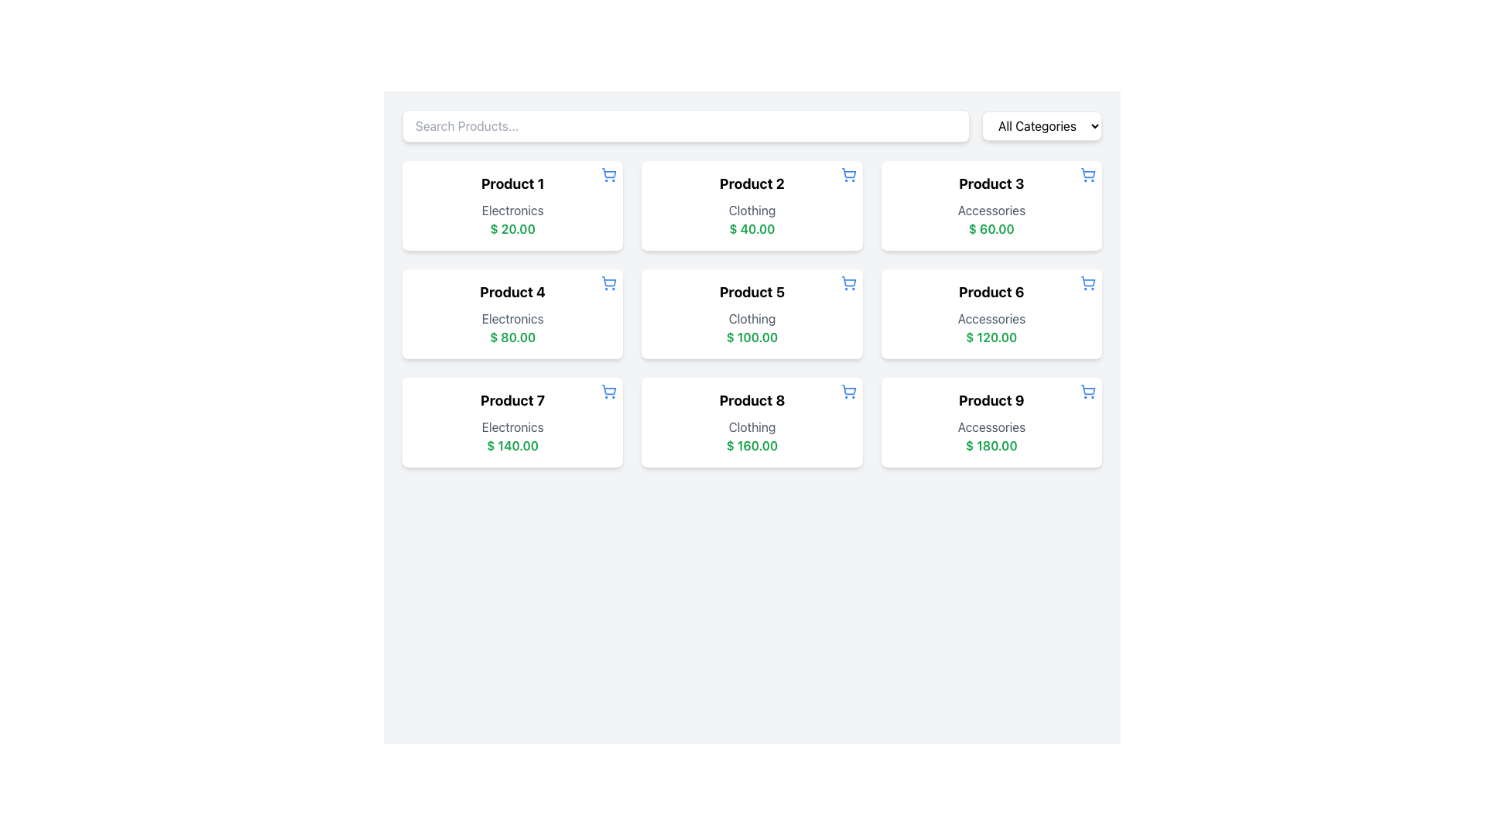 The width and height of the screenshot is (1486, 836). Describe the element at coordinates (752, 183) in the screenshot. I see `the bolded text label displaying 'Product 2' at the top of the product card` at that location.